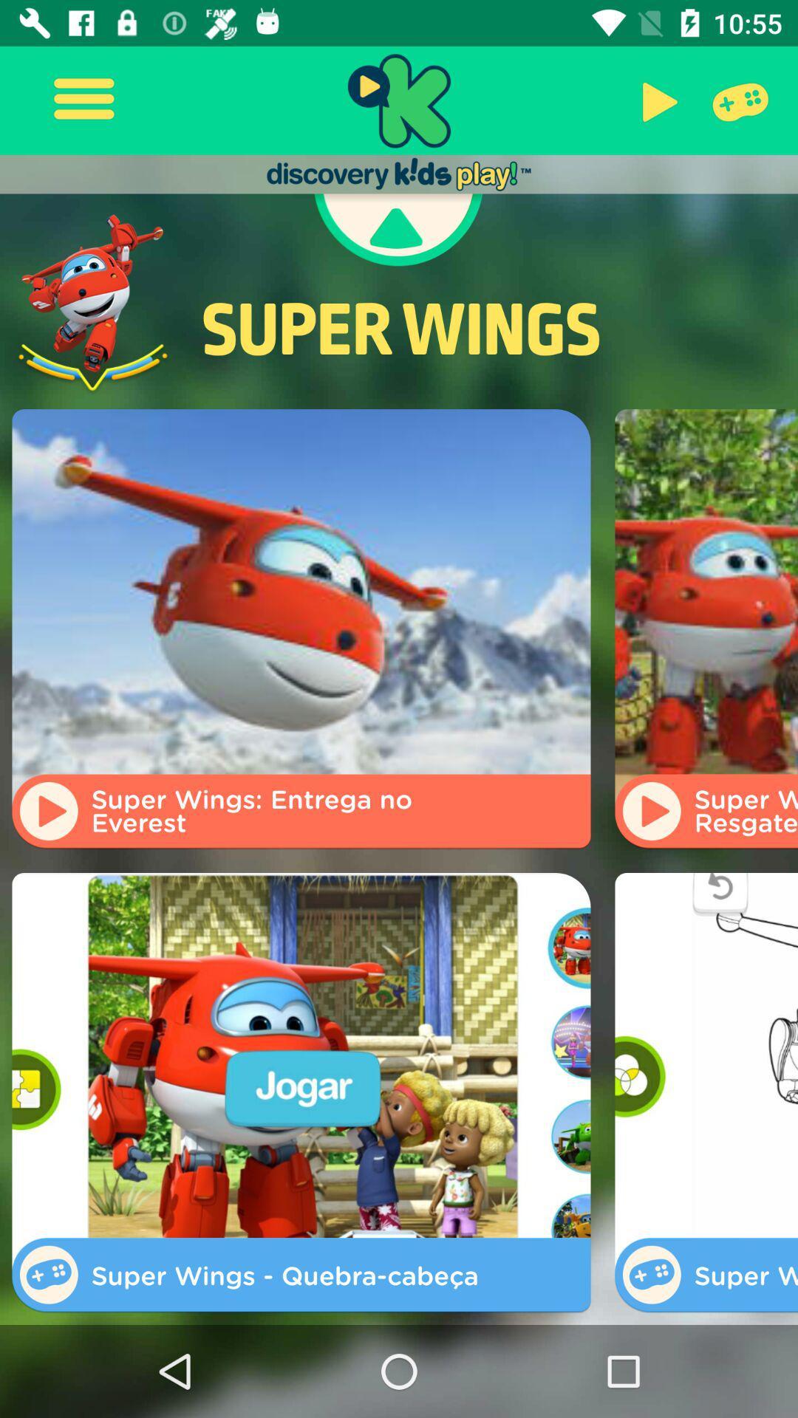  I want to click on the icon above super wings, so click(398, 230).